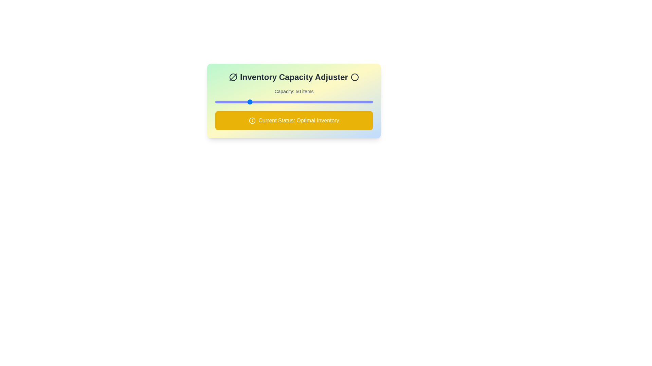  What do you see at coordinates (353, 102) in the screenshot?
I see `the inventory capacity slider to 176 items` at bounding box center [353, 102].